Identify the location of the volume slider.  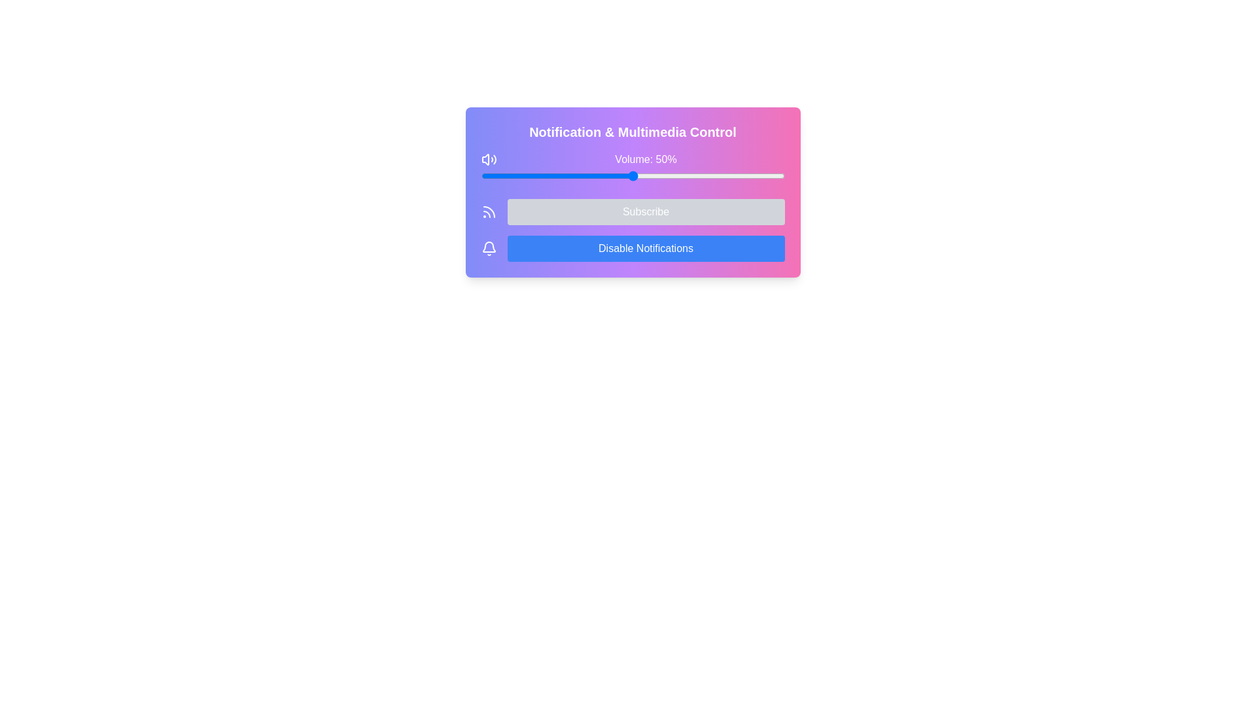
(595, 175).